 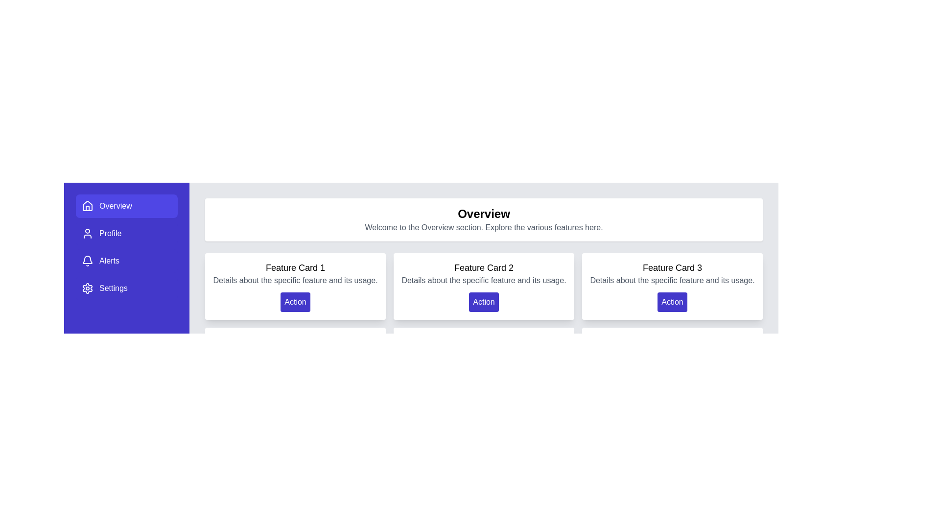 I want to click on the 'Profile' text label, which is styled in white on a purple background, located in the sidebar menu between 'Overview' and 'Alerts', so click(x=110, y=234).